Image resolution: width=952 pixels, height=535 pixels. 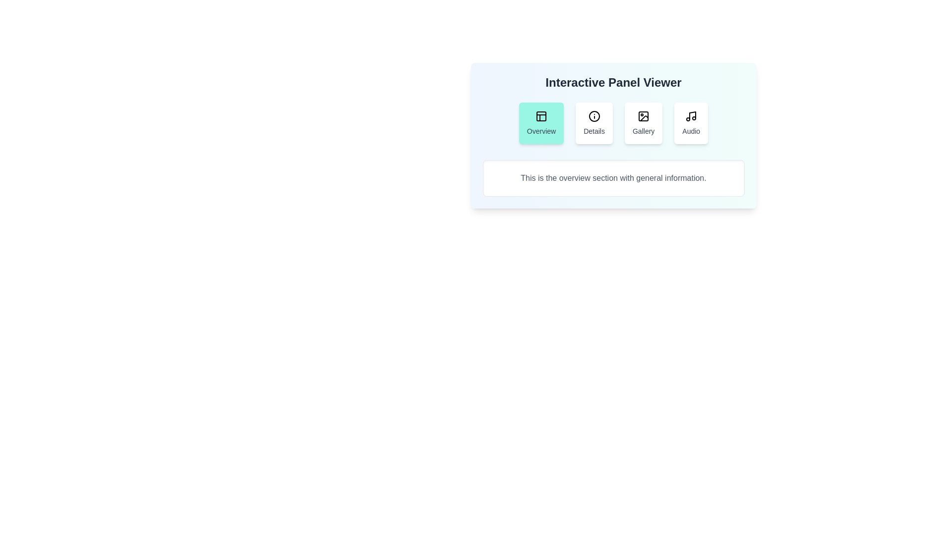 What do you see at coordinates (691, 123) in the screenshot?
I see `the button labeled 'Audio' which has a black music note icon above it` at bounding box center [691, 123].